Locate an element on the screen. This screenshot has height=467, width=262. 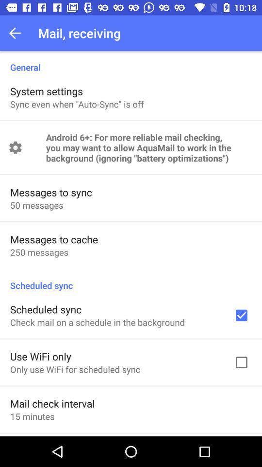
the item next to android 6 for item is located at coordinates (15, 147).